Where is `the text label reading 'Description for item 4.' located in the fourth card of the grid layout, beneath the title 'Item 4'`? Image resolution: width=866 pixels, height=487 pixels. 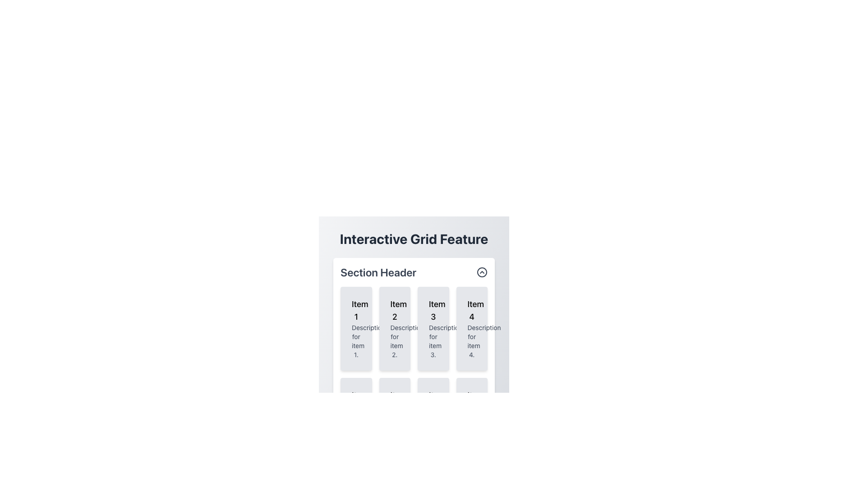
the text label reading 'Description for item 4.' located in the fourth card of the grid layout, beneath the title 'Item 4' is located at coordinates (471, 341).